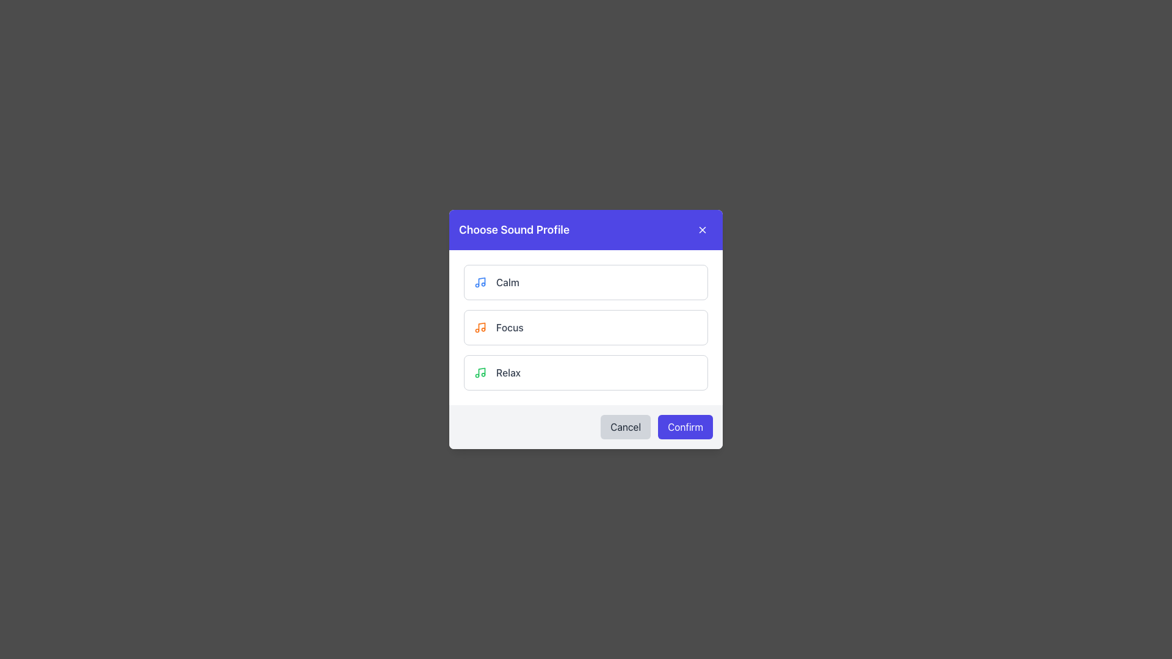 The image size is (1172, 659). Describe the element at coordinates (586, 372) in the screenshot. I see `the 'Relax' button in the sound profile selection modal` at that location.